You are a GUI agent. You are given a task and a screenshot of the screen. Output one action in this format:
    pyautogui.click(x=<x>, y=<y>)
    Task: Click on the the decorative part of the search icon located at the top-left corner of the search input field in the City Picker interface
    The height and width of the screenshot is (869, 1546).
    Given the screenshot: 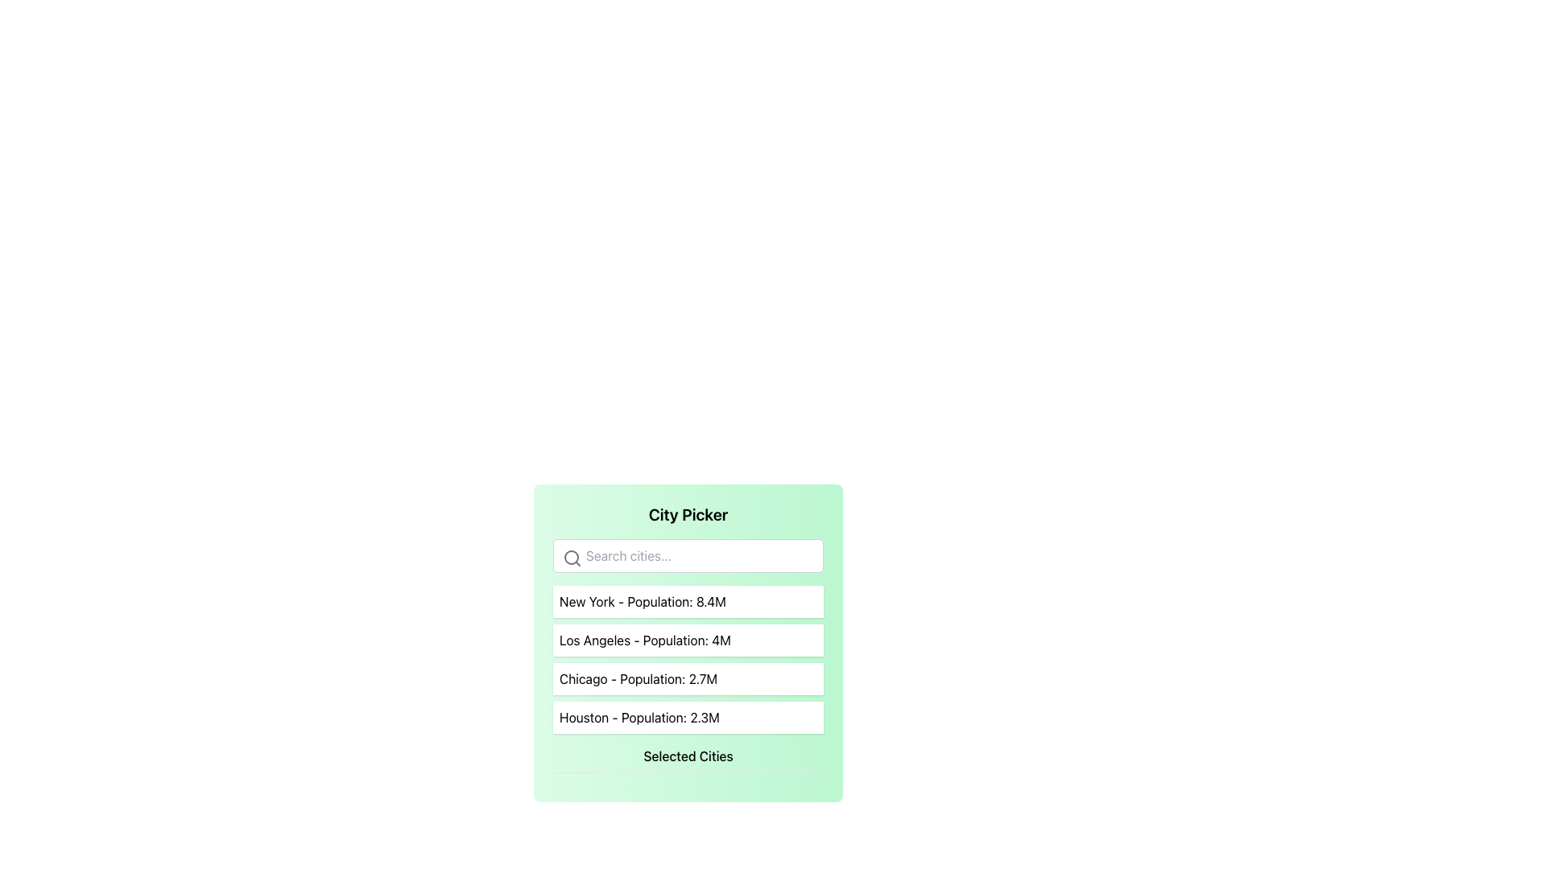 What is the action you would take?
    pyautogui.click(x=572, y=557)
    